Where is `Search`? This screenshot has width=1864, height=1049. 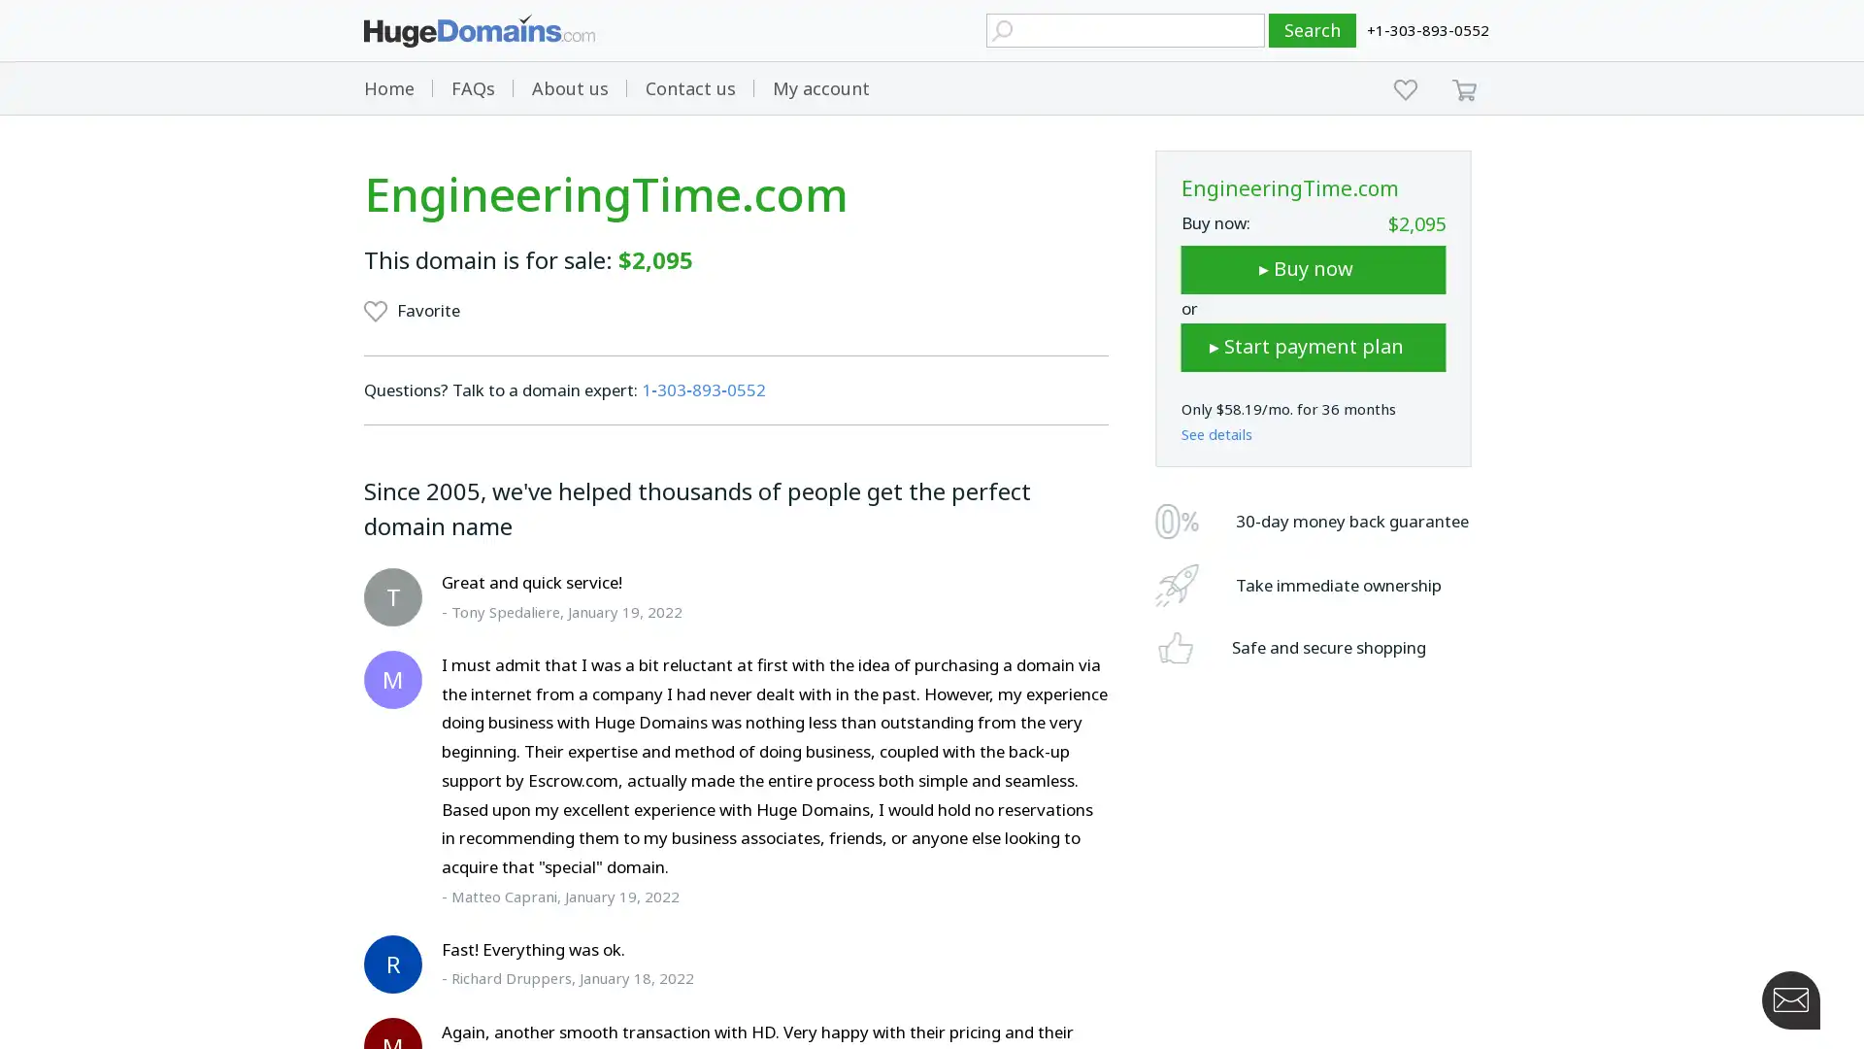 Search is located at coordinates (1313, 30).